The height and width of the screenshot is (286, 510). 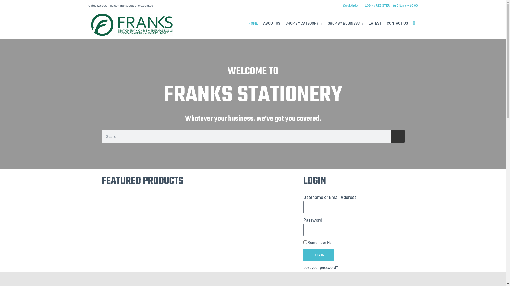 What do you see at coordinates (397, 23) in the screenshot?
I see `'CONTACT US'` at bounding box center [397, 23].